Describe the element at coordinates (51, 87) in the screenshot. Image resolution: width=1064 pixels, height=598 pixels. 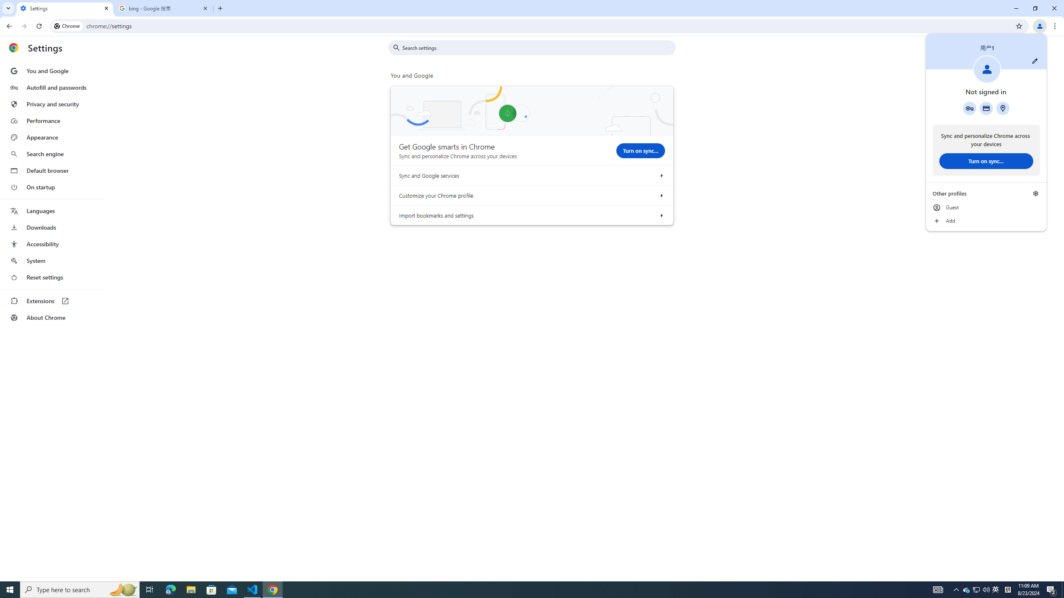
I see `'Autofill and passwords'` at that location.